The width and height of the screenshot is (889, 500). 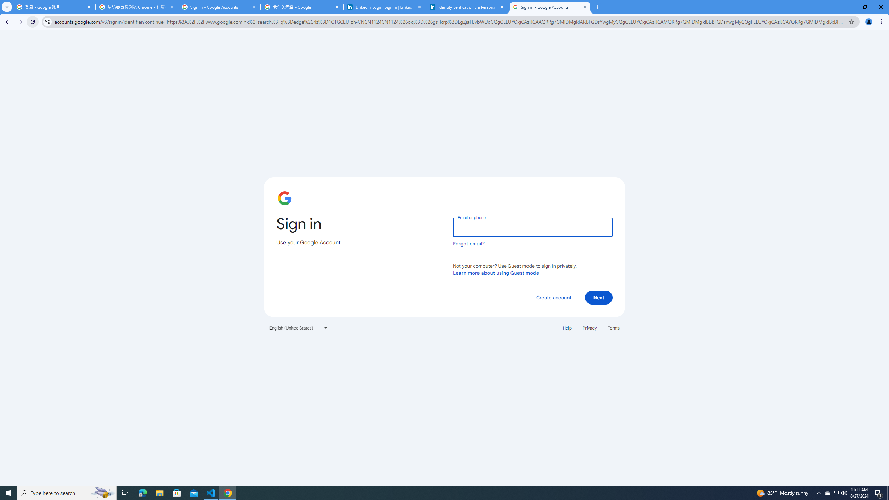 I want to click on 'Sign in - Google Accounts', so click(x=550, y=7).